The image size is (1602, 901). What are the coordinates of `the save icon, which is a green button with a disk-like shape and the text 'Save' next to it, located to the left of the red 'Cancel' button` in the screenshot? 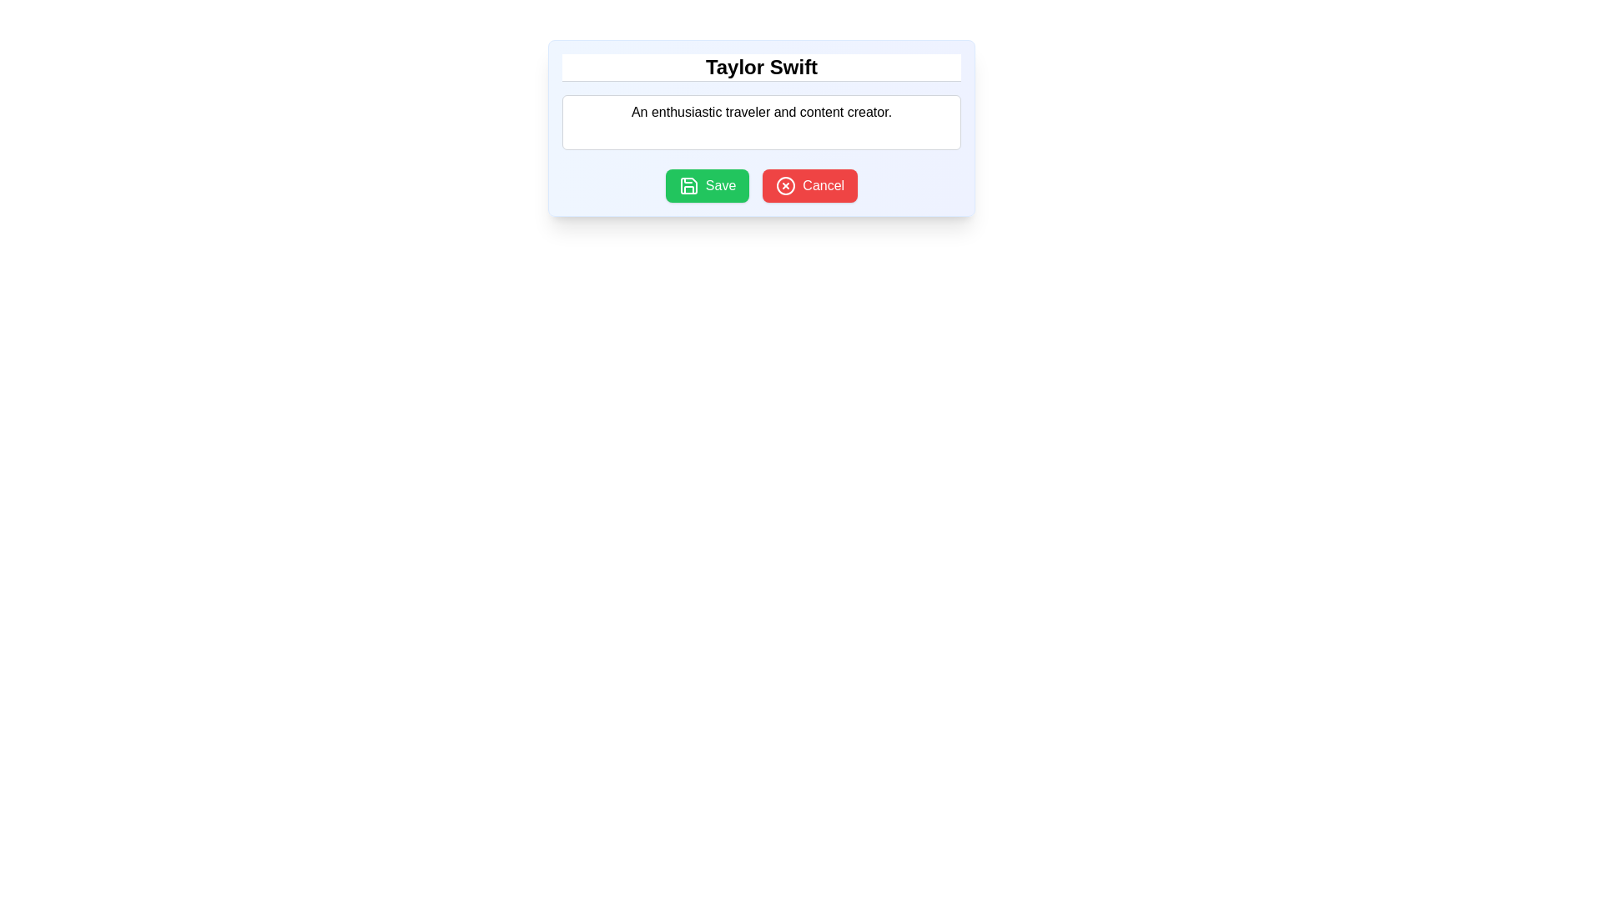 It's located at (688, 186).